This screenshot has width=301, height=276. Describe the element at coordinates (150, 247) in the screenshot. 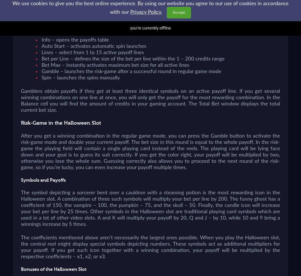

I see `'The coefficients mentioned above aren’t necessarily the largest ones possible. When you play the Halloween slot, the central reel might display special symbols depicting numbers. These symbols act as additional multipliers for your payoff. If you get such icon together with a winning combination, your payoff will be multiplied by the respective coefficients – x1, x2, or x3.'` at that location.